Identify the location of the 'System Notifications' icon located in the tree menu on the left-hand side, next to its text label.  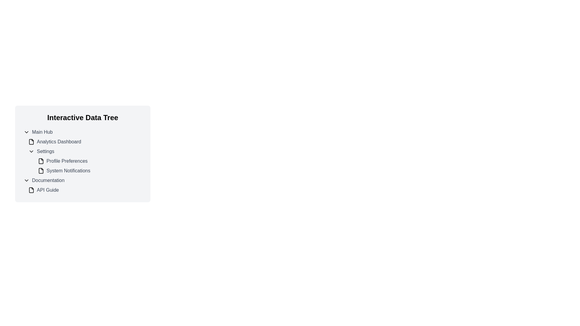
(40, 171).